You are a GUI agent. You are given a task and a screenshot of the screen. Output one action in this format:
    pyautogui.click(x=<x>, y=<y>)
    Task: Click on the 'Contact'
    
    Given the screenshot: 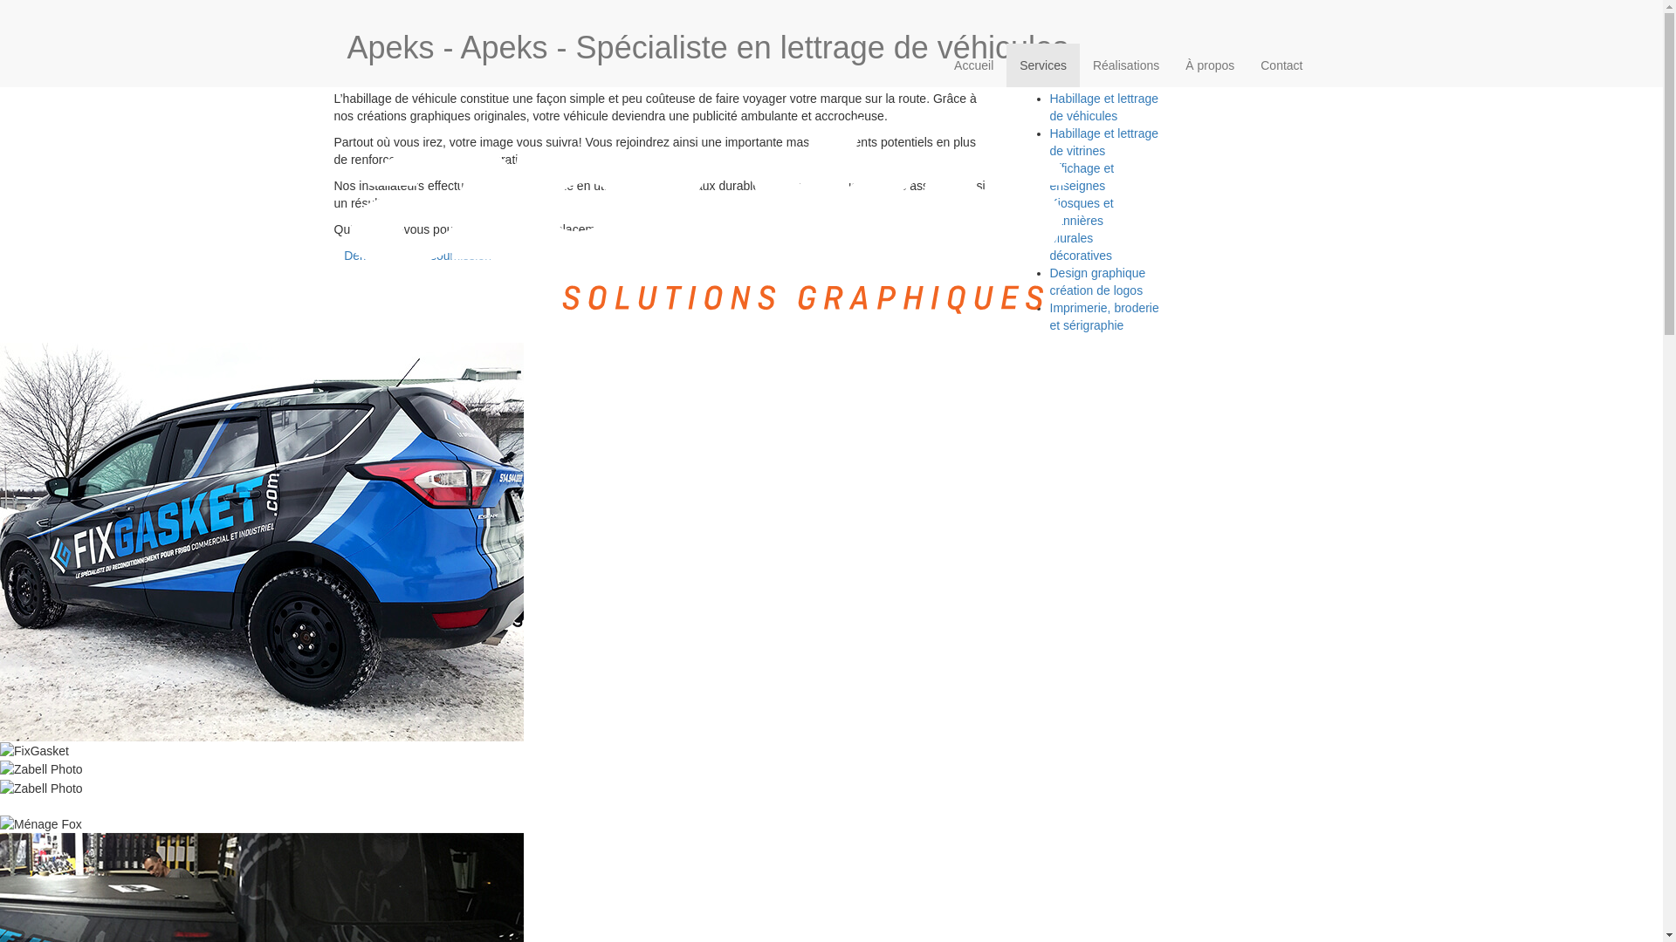 What is the action you would take?
    pyautogui.click(x=1281, y=64)
    